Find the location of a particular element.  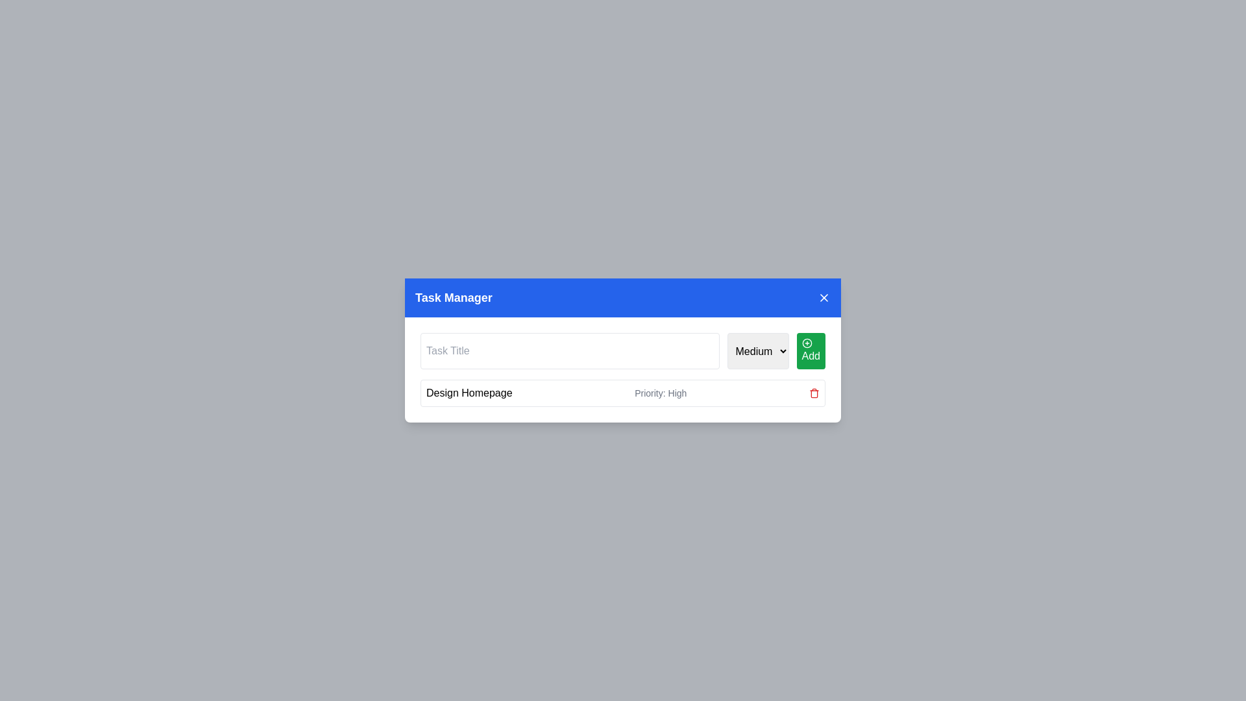

an option from the dropdown menu to change the priority level for the task is located at coordinates (757, 350).